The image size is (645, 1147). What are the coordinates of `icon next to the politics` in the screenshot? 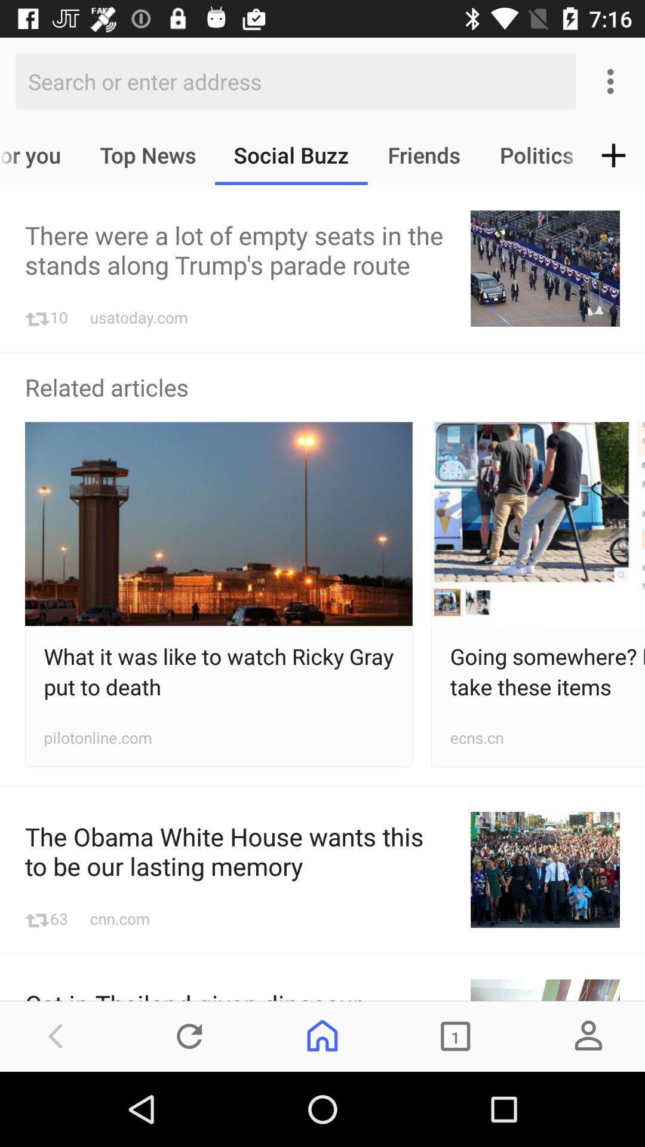 It's located at (613, 154).